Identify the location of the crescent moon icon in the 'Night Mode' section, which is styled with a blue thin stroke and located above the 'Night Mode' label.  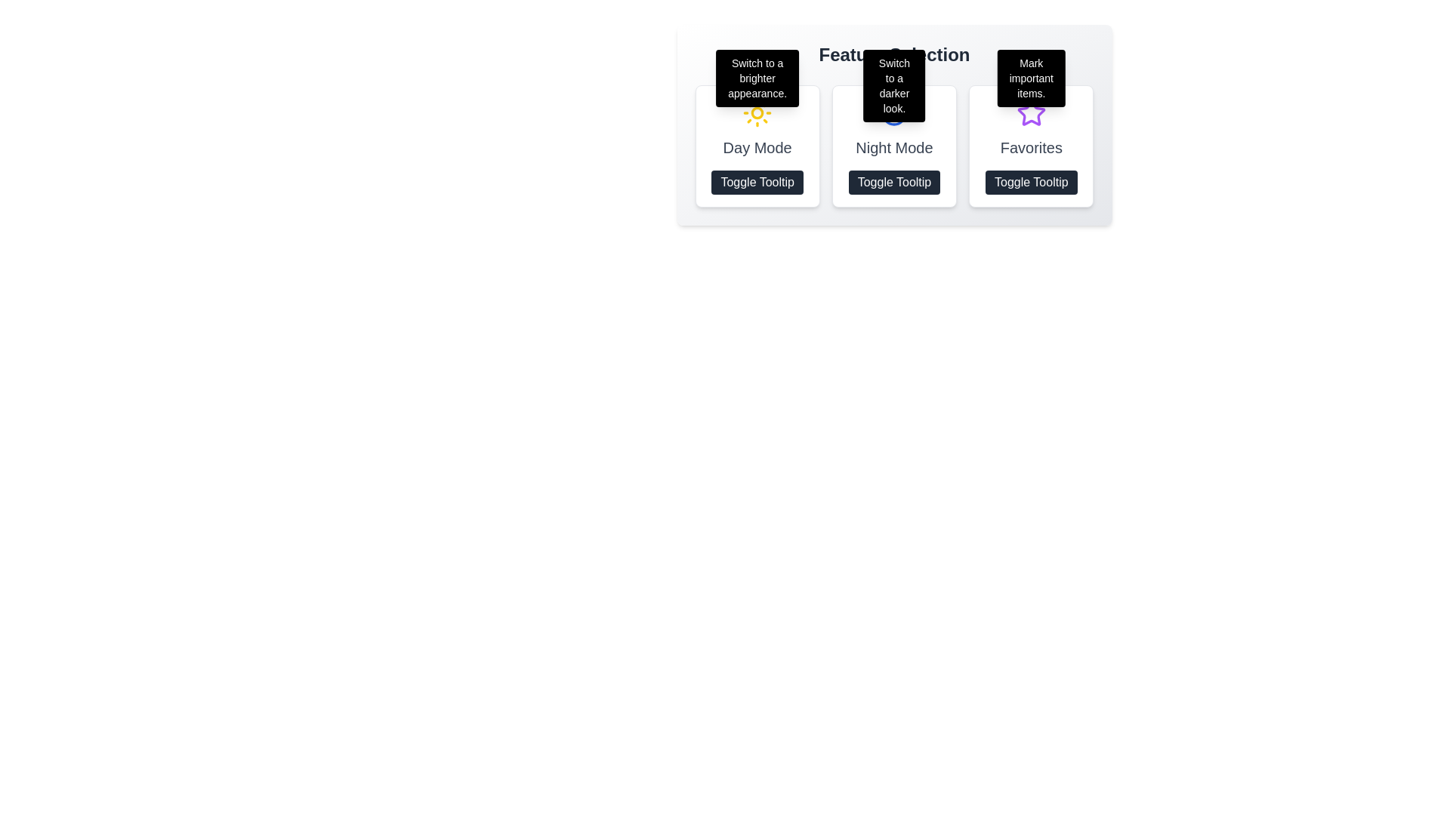
(894, 112).